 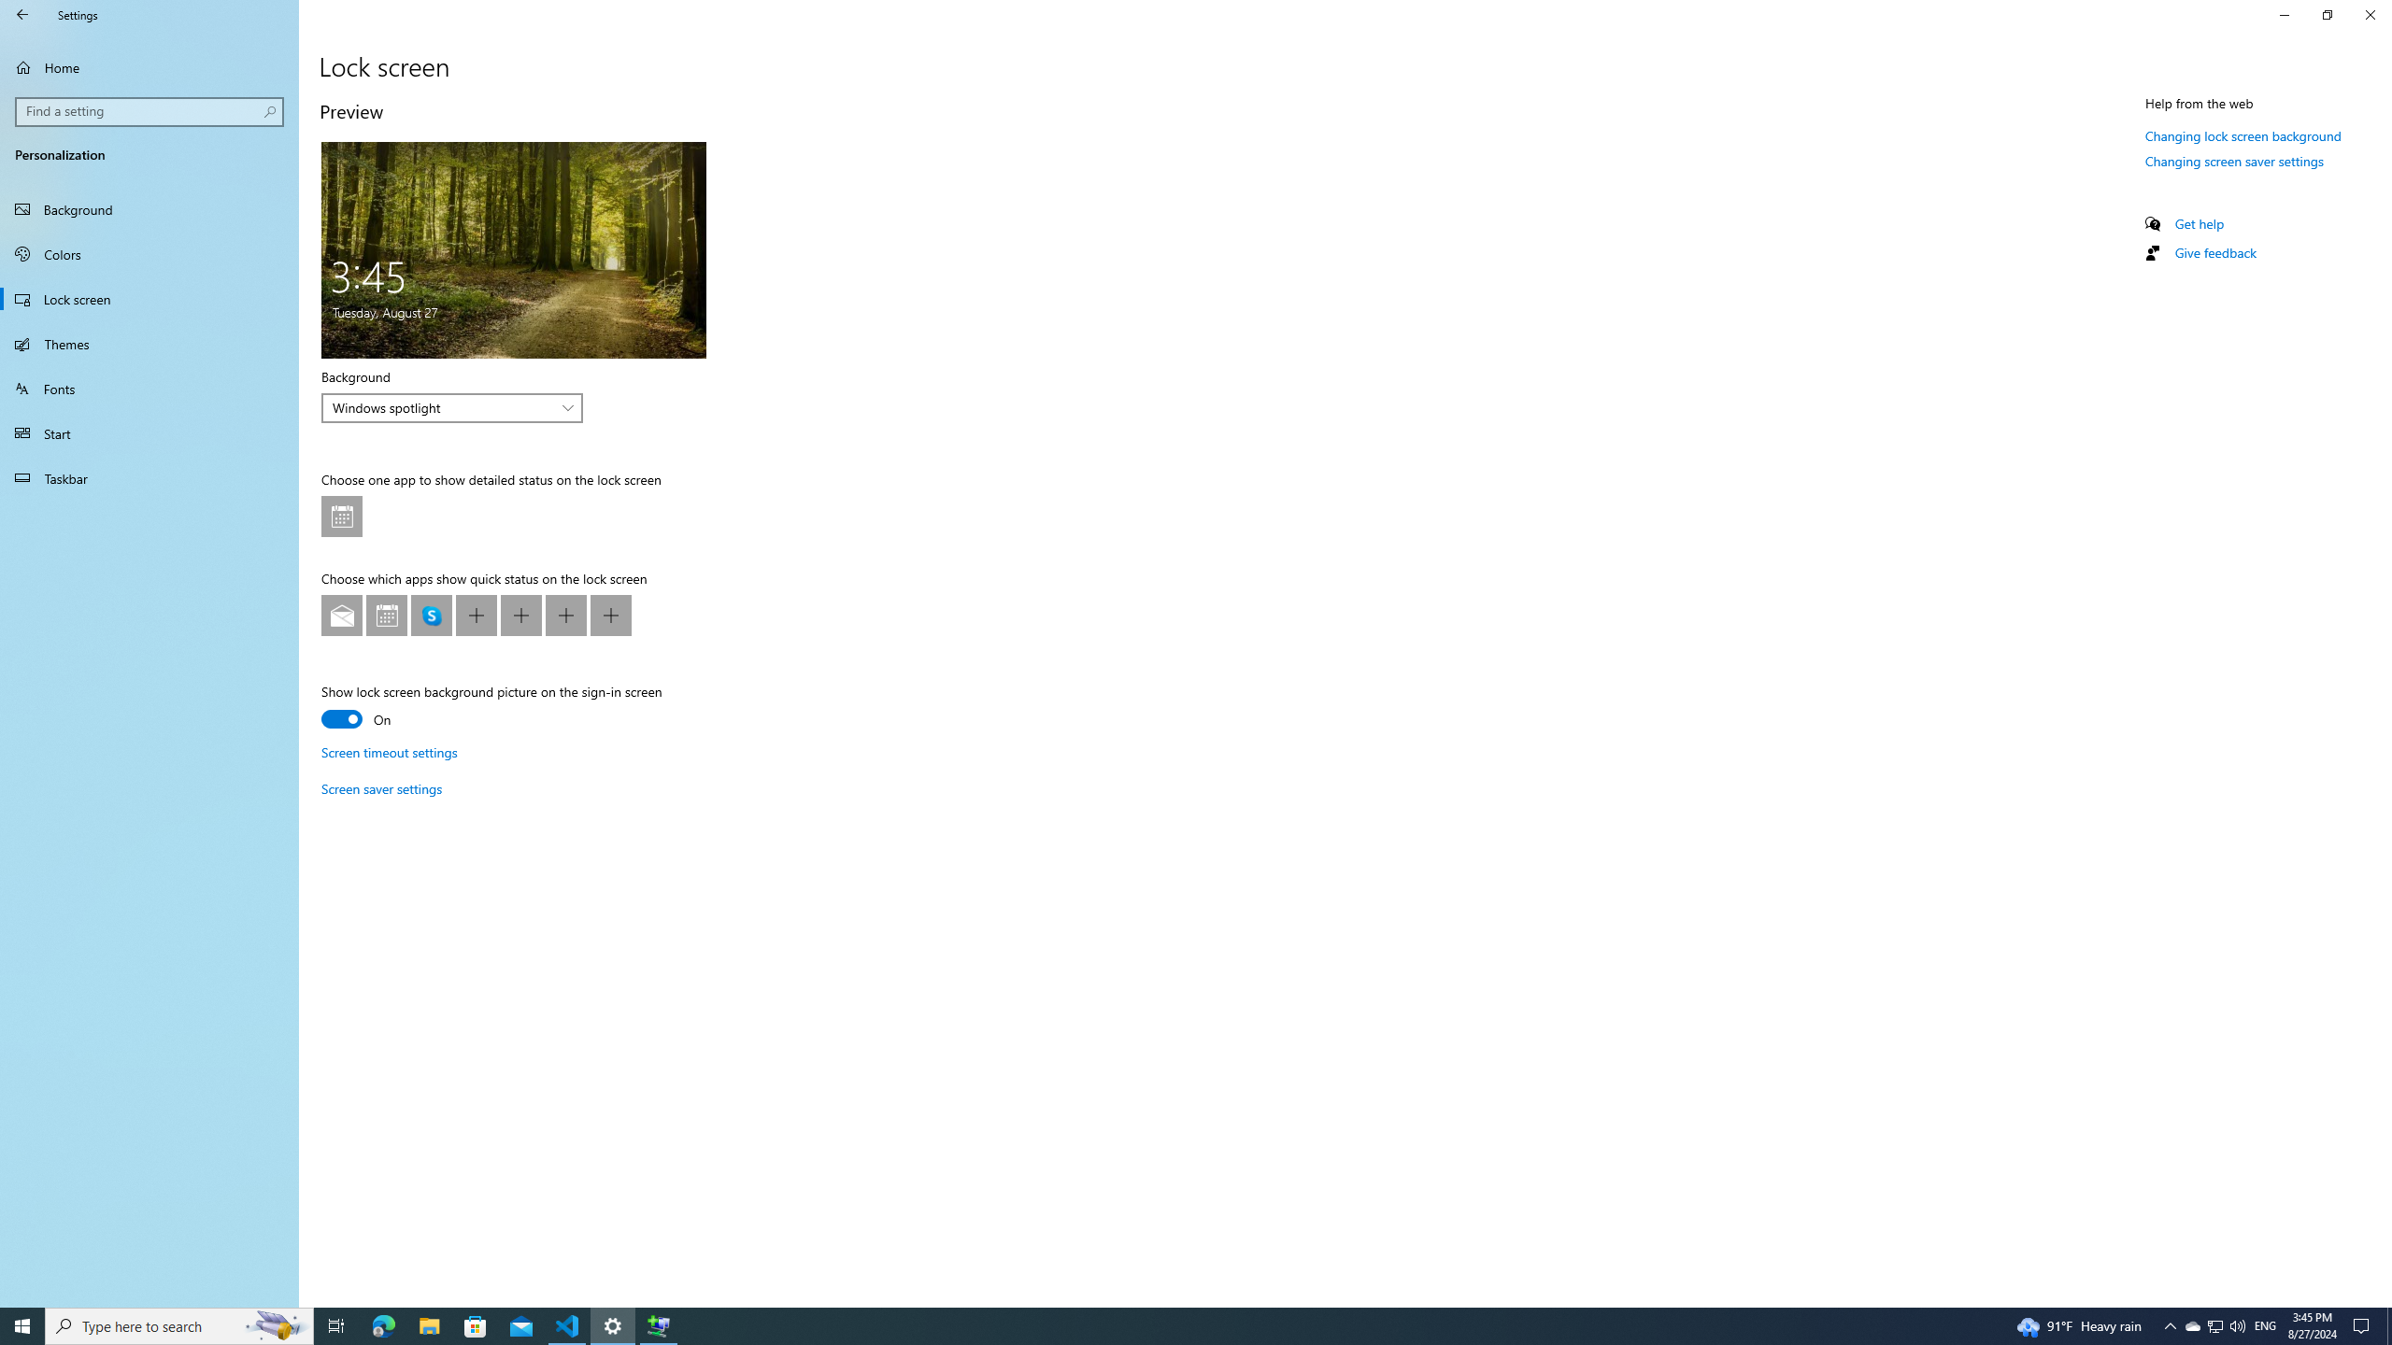 I want to click on 'Search box, Find a setting', so click(x=149, y=110).